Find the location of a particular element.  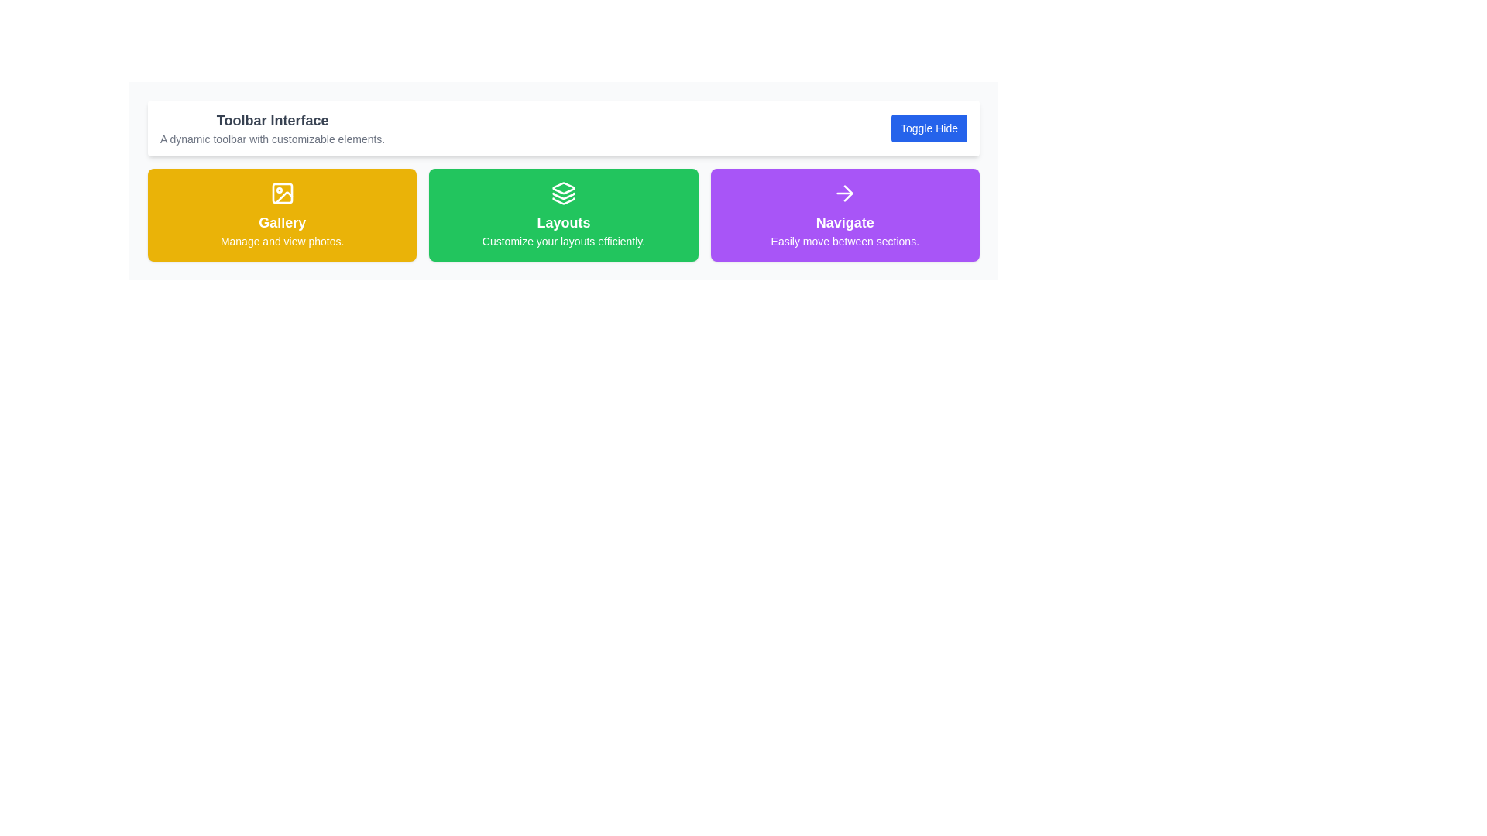

the SVG graphic/icon resembling stacked rectangles with a green background, located at the top-center of the 'Layouts' box is located at coordinates (563, 193).